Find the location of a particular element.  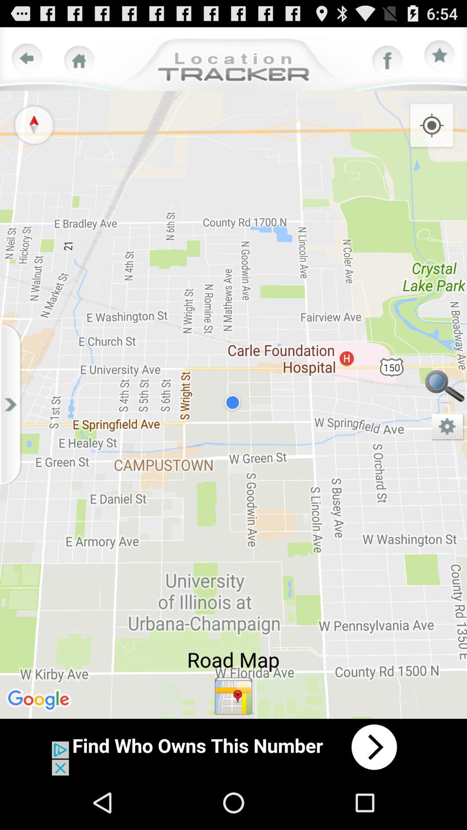

home page is located at coordinates (79, 61).